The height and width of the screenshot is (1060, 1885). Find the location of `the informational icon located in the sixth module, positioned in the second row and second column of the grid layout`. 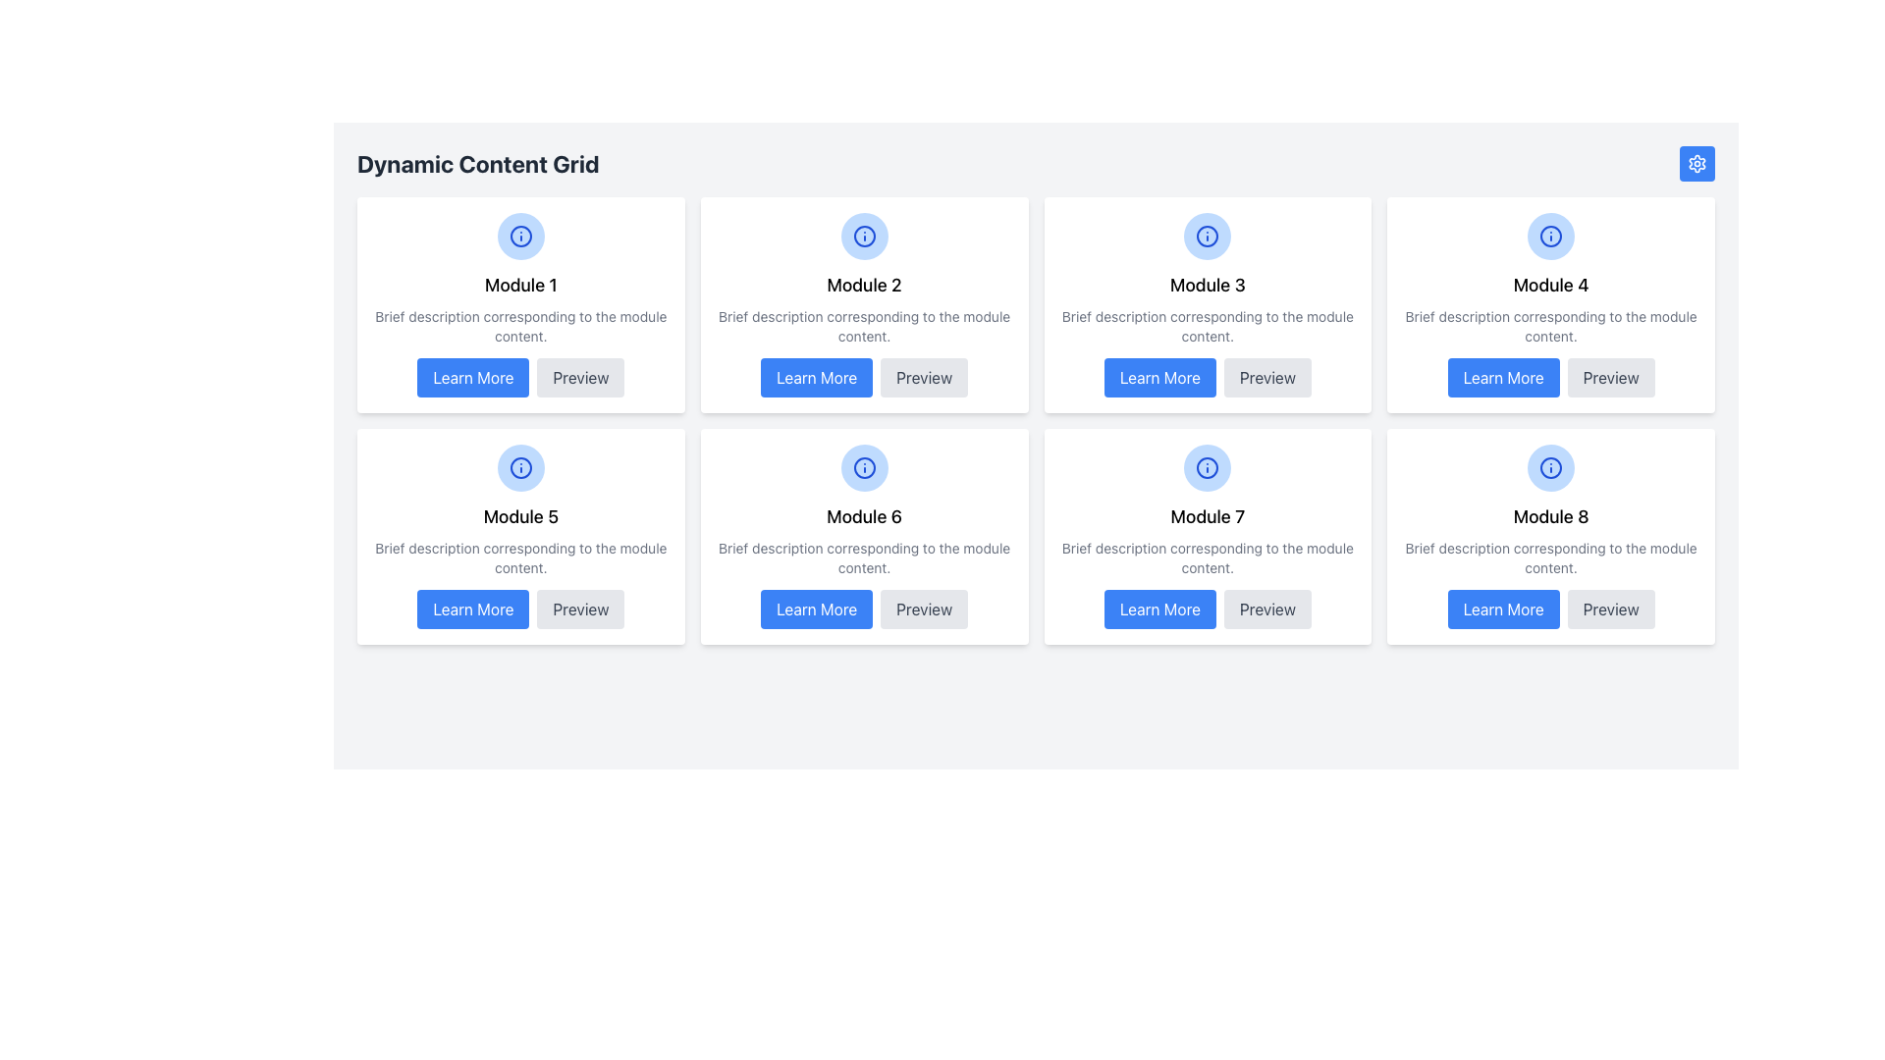

the informational icon located in the sixth module, positioned in the second row and second column of the grid layout is located at coordinates (864, 468).